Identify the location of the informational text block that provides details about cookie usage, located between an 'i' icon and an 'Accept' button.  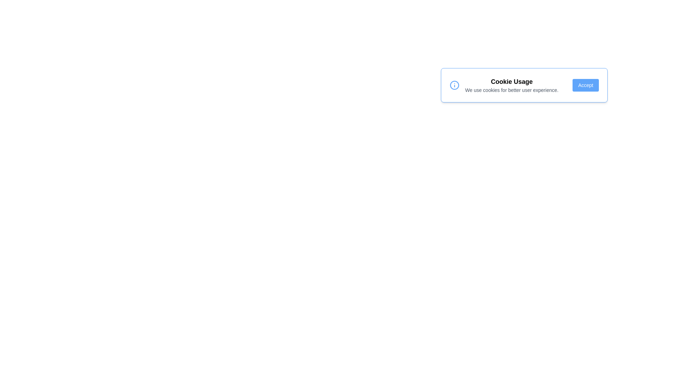
(511, 85).